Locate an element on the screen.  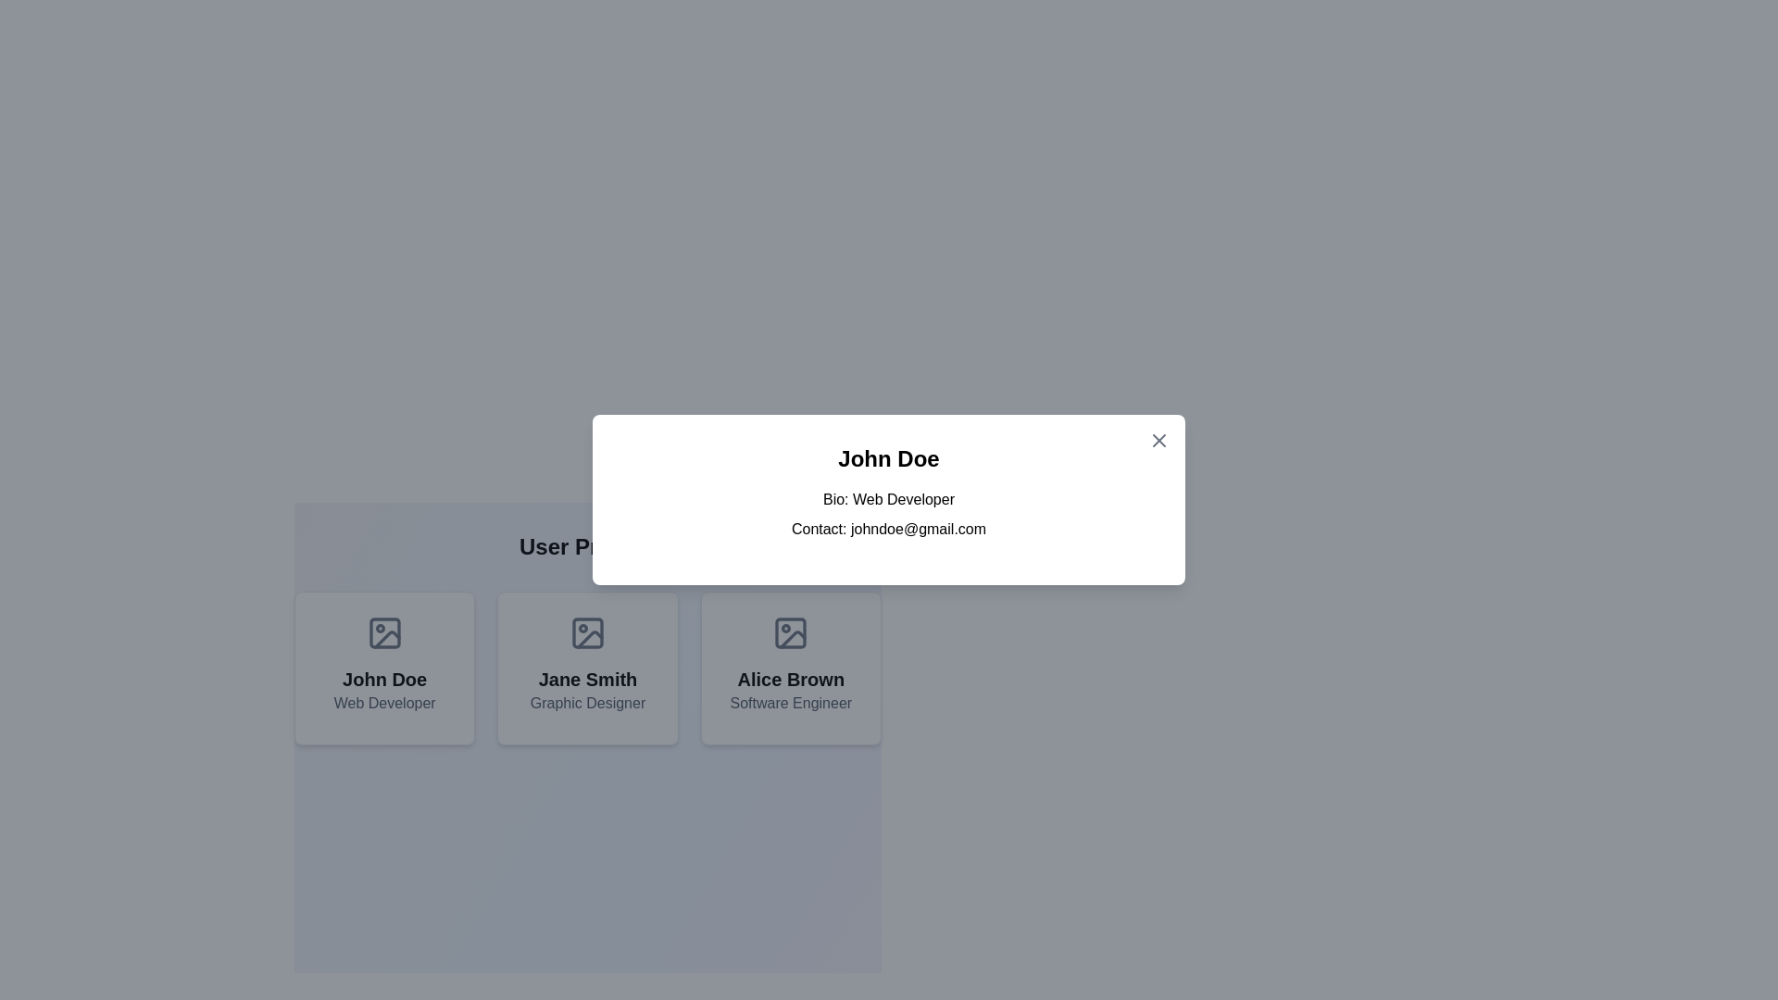
the text label displaying 'Alice Brown', which is prominently styled and located in the third user profile card, positioned beneath the icon area and above the job title 'Software Engineer' is located at coordinates (791, 679).